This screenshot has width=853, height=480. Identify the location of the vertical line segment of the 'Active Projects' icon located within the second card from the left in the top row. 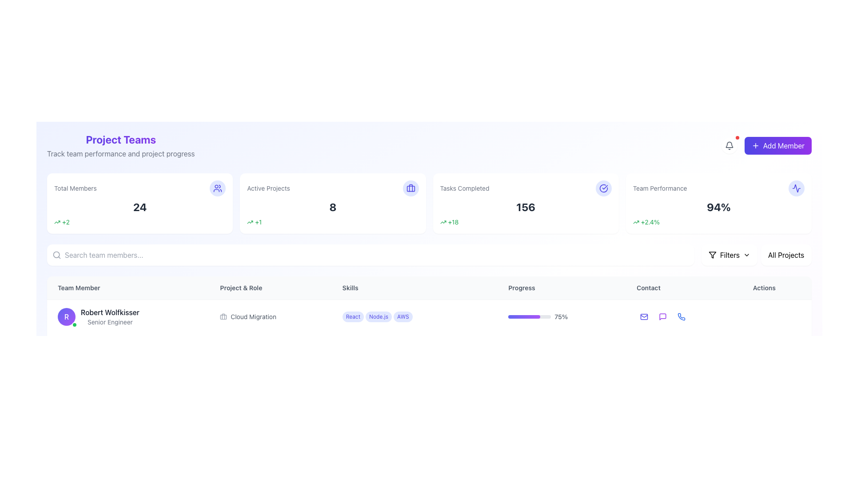
(410, 188).